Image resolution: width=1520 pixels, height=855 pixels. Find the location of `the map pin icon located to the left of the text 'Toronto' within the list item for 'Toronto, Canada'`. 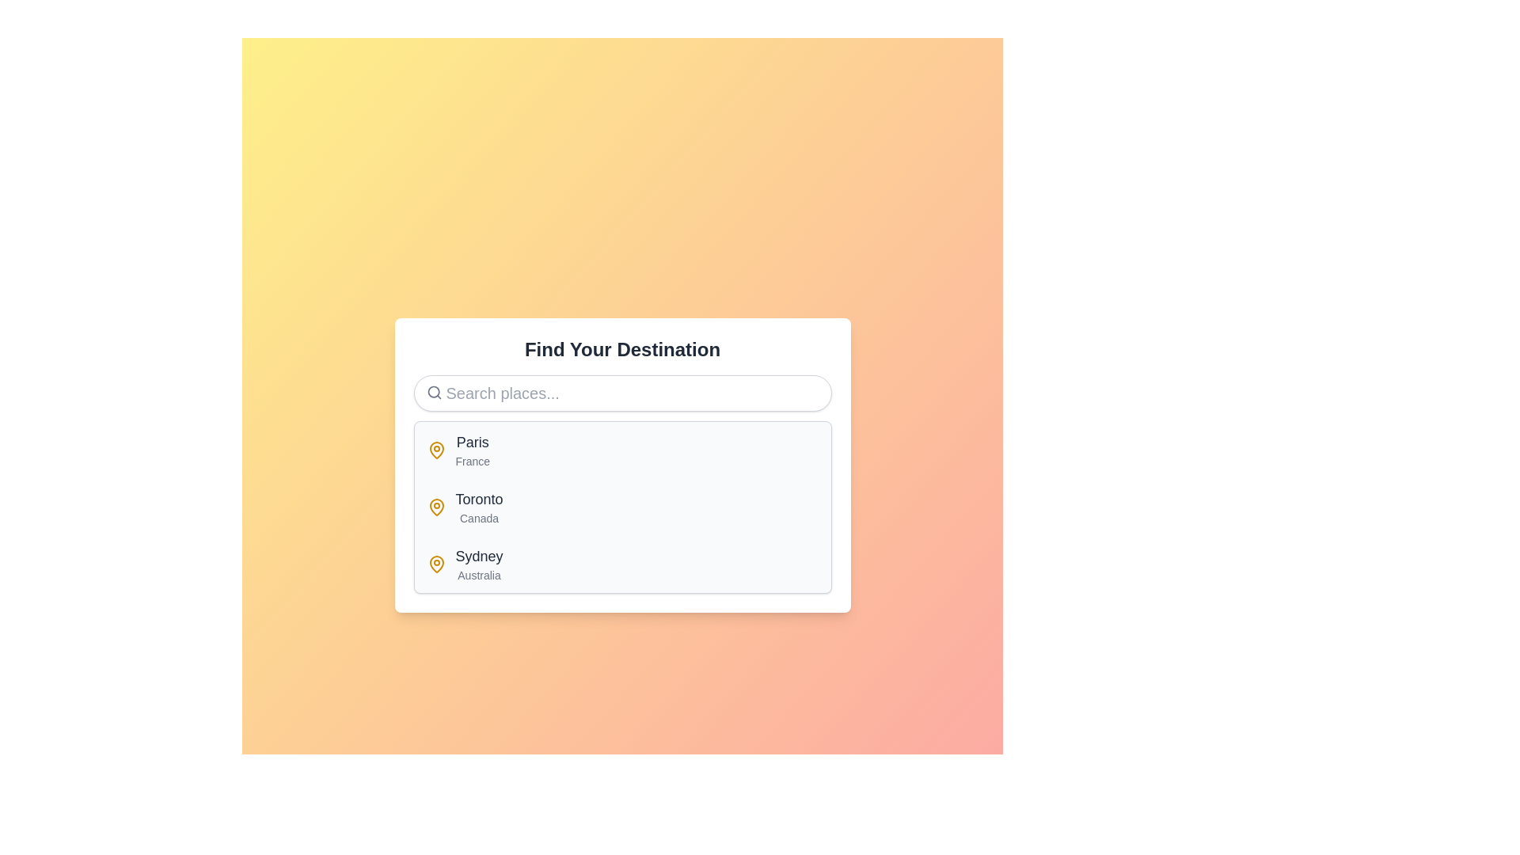

the map pin icon located to the left of the text 'Toronto' within the list item for 'Toronto, Canada' is located at coordinates (436, 507).